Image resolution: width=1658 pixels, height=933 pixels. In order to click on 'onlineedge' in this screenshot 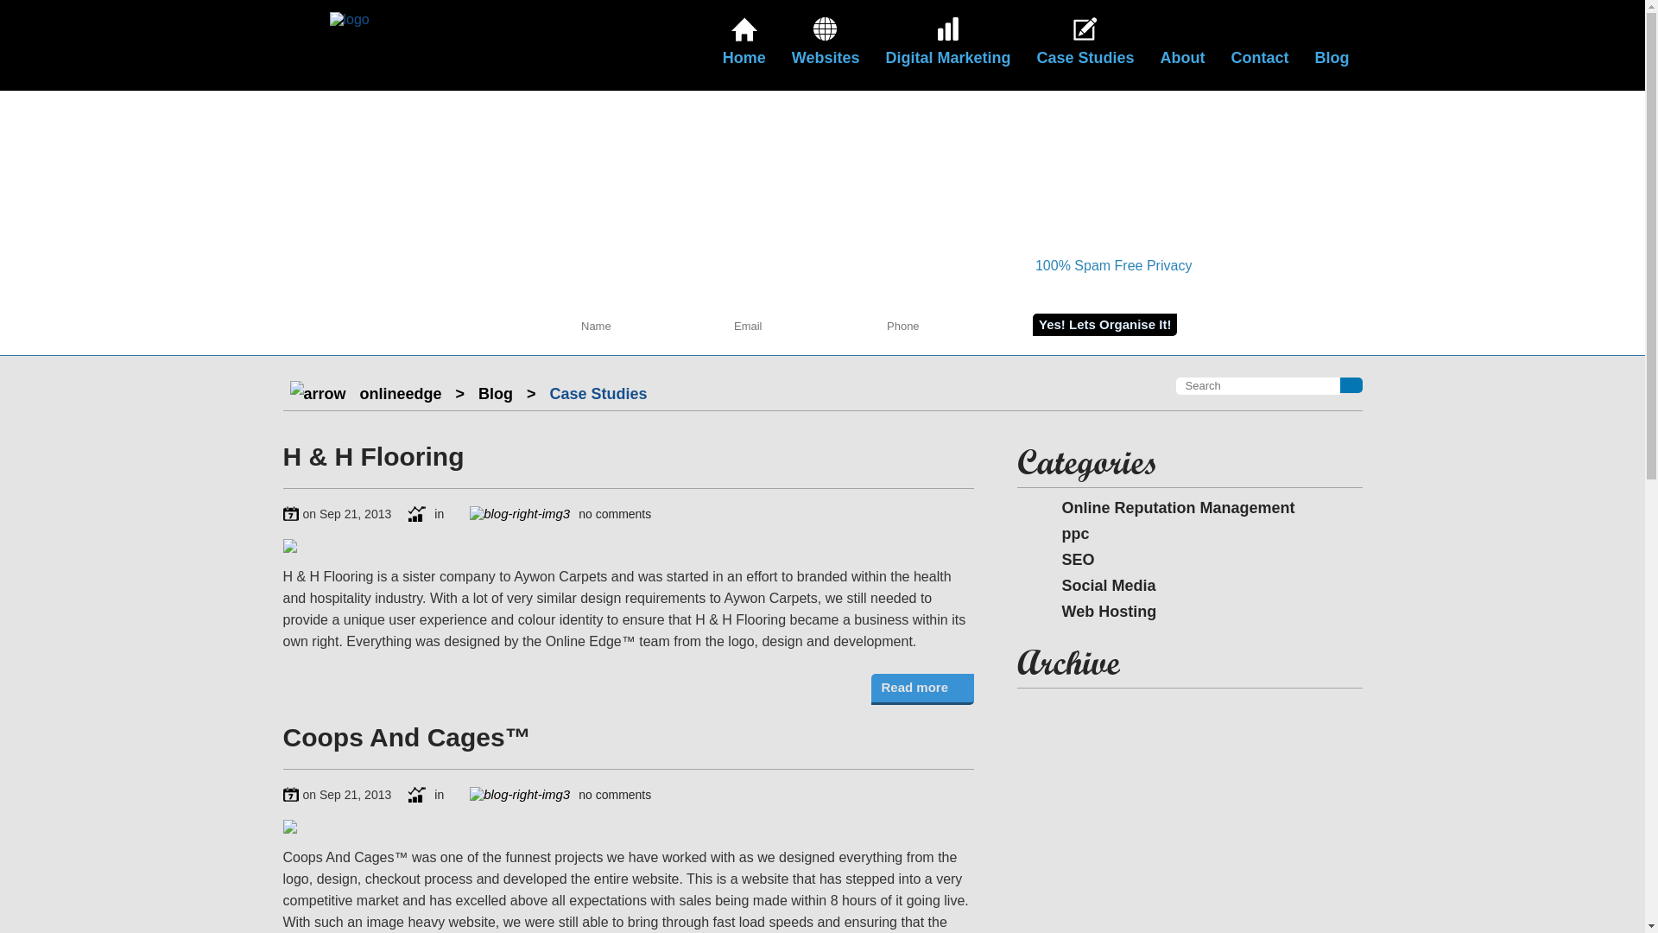, I will do `click(400, 393)`.